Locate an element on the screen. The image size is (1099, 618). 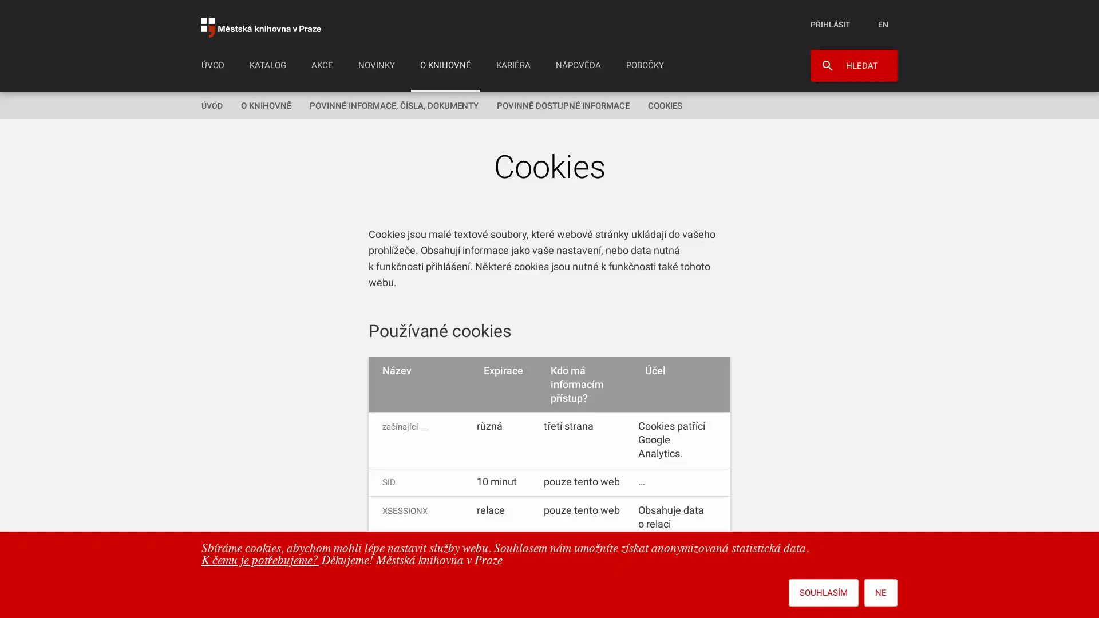
SOUHLASIM is located at coordinates (823, 592).